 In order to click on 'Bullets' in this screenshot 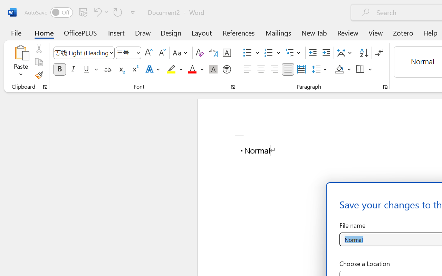, I will do `click(251, 53)`.